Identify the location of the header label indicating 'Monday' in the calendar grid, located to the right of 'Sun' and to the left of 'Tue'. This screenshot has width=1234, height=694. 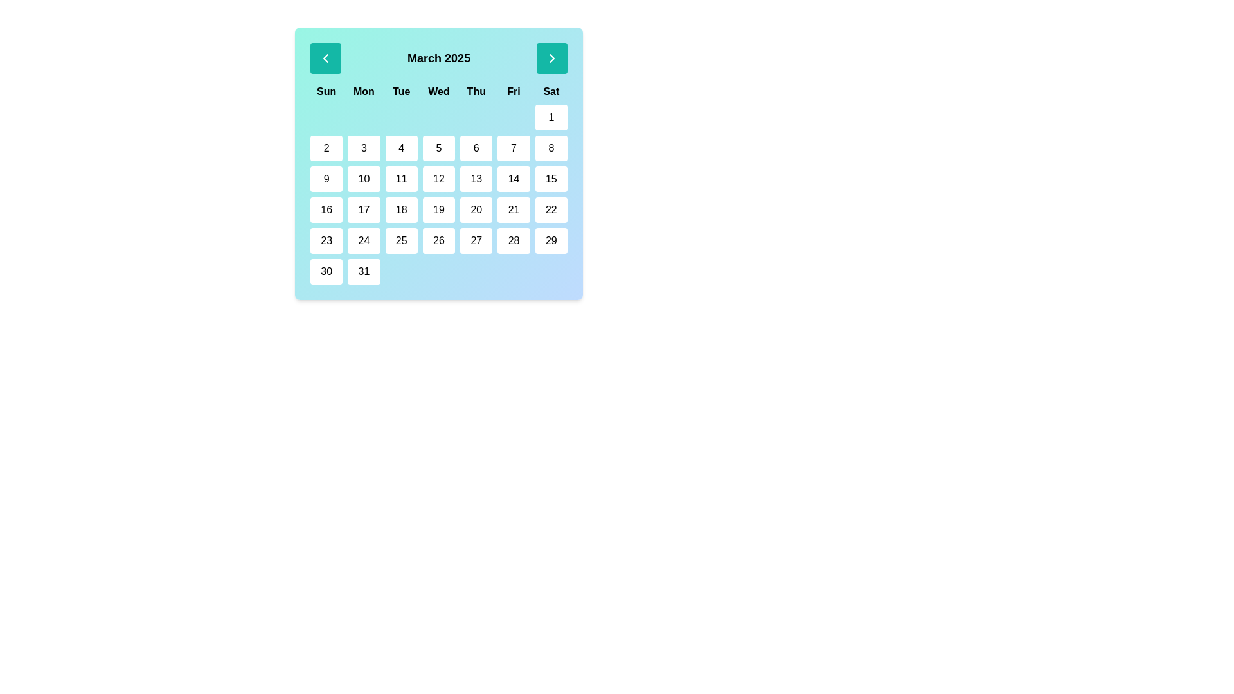
(363, 91).